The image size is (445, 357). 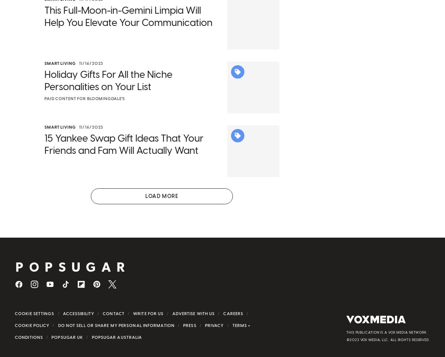 I want to click on 'Privacy', so click(x=214, y=335).